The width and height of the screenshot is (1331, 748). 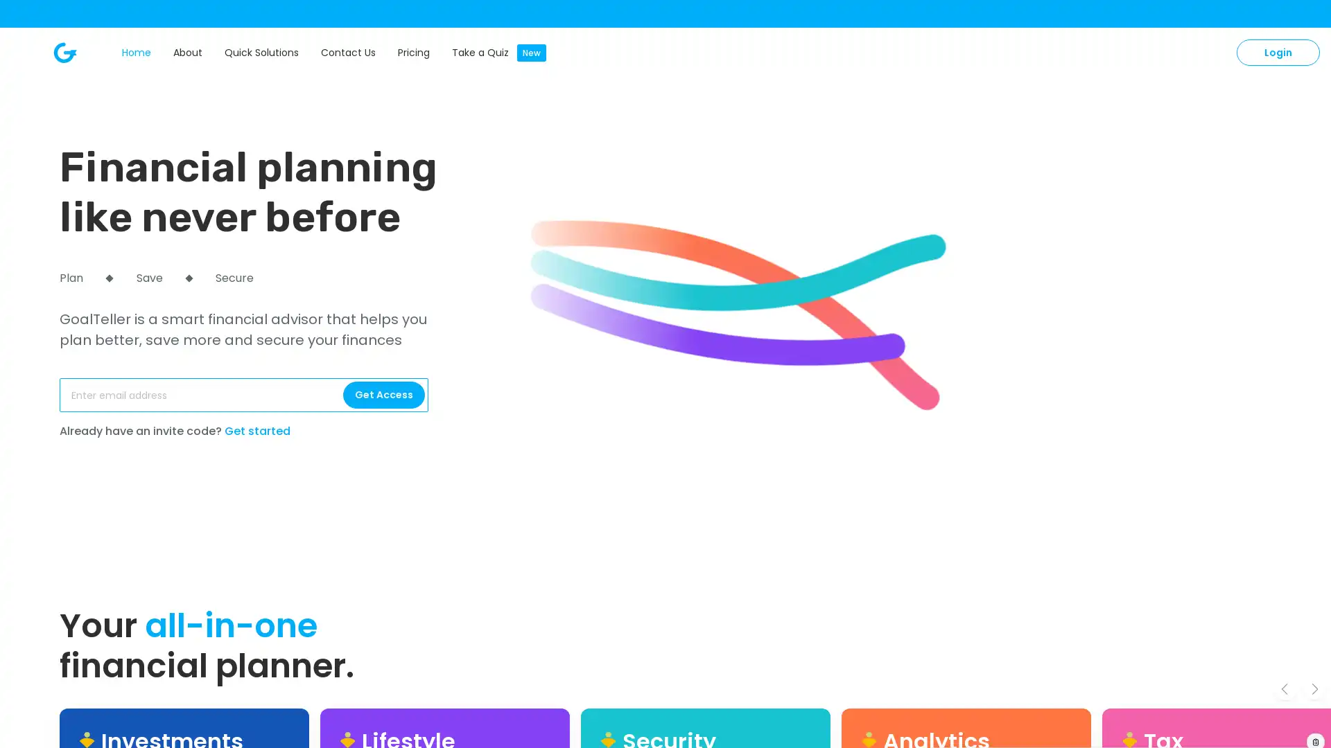 I want to click on Next slide, so click(x=1314, y=688).